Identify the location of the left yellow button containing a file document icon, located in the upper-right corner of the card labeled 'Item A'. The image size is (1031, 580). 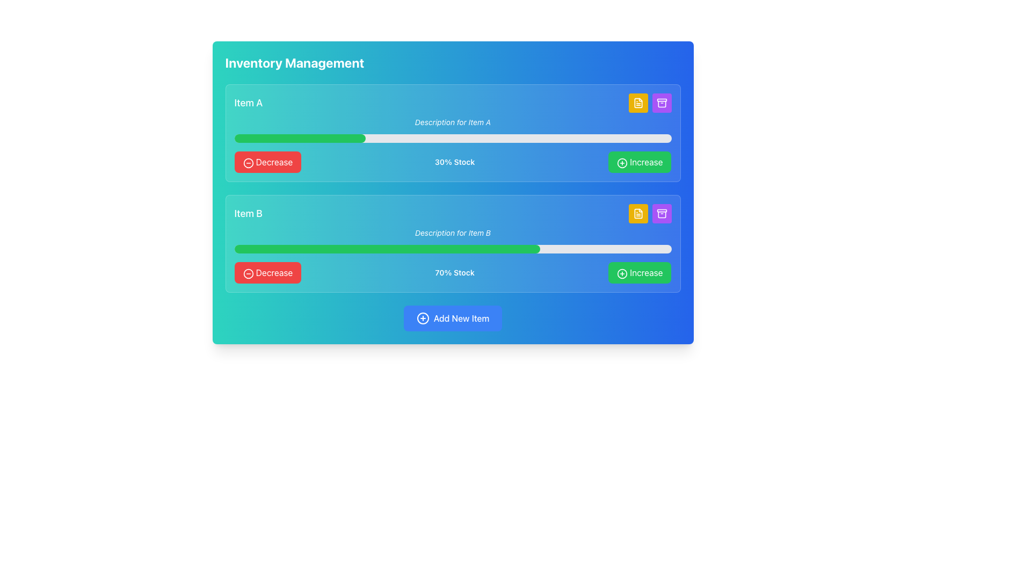
(649, 103).